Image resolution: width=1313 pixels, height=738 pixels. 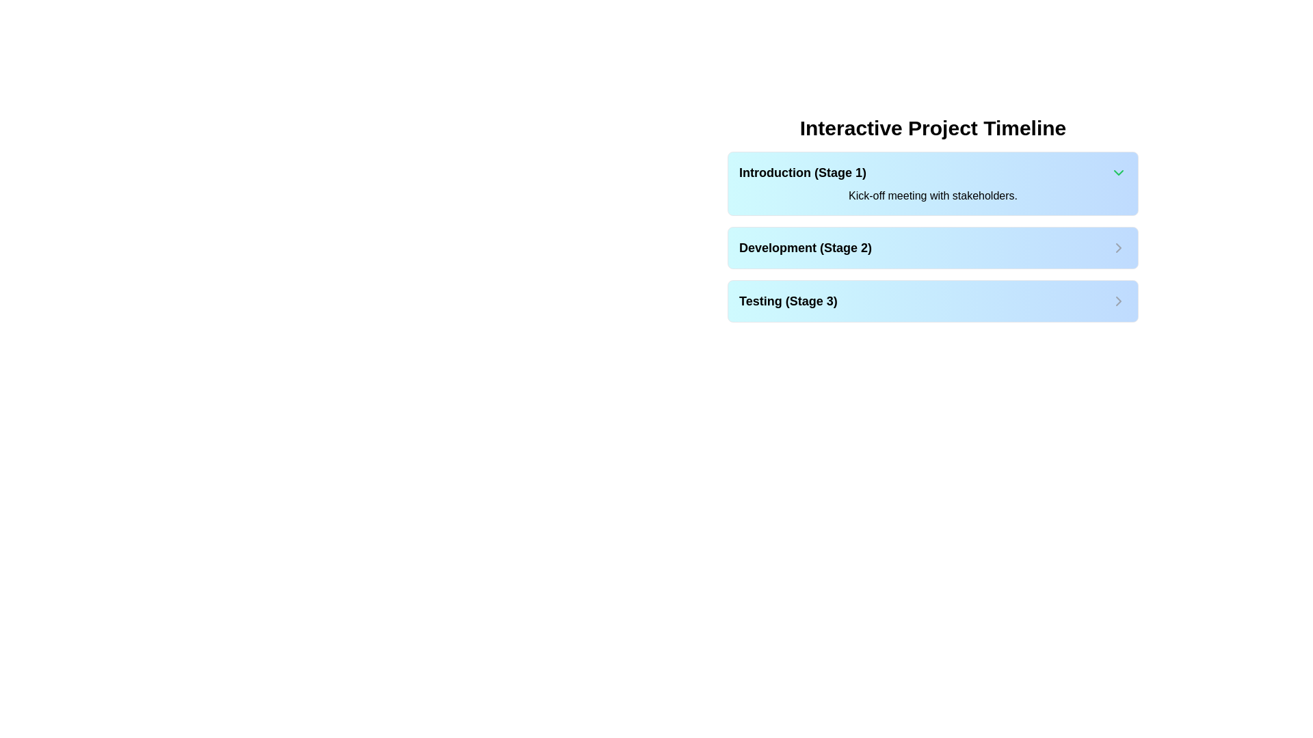 What do you see at coordinates (803, 172) in the screenshot?
I see `text label titled 'Introduction (Stage 1)' located on the left side of a blue gradient rectangular box, positioned at the top of the box` at bounding box center [803, 172].